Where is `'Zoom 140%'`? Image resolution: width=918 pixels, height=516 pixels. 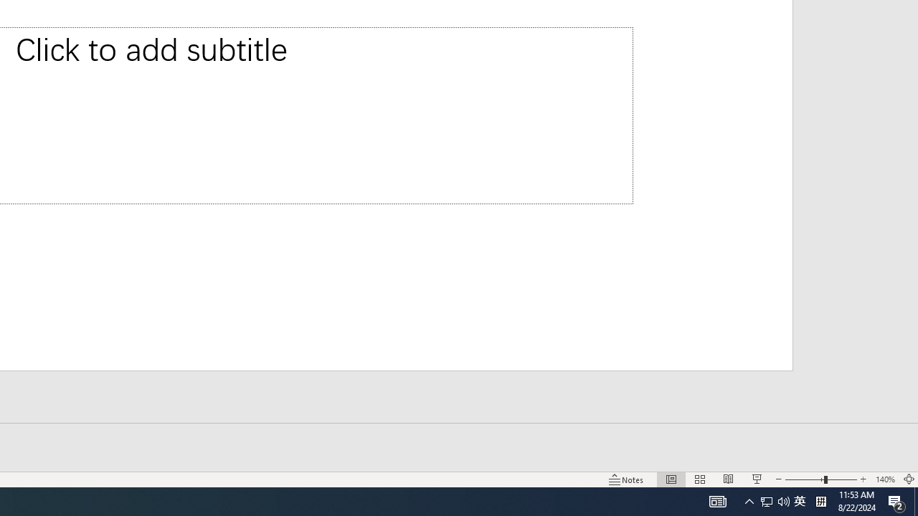 'Zoom 140%' is located at coordinates (884, 479).